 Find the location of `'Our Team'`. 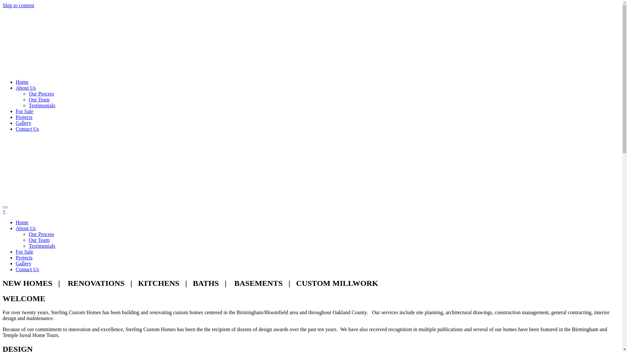

'Our Team' is located at coordinates (28, 240).